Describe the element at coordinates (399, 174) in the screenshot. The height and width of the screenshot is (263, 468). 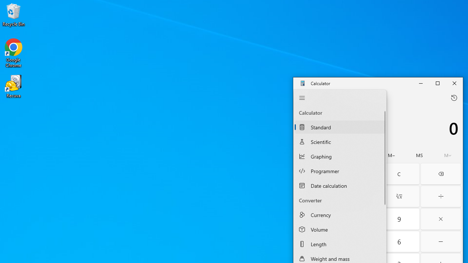
I see `'Clear'` at that location.